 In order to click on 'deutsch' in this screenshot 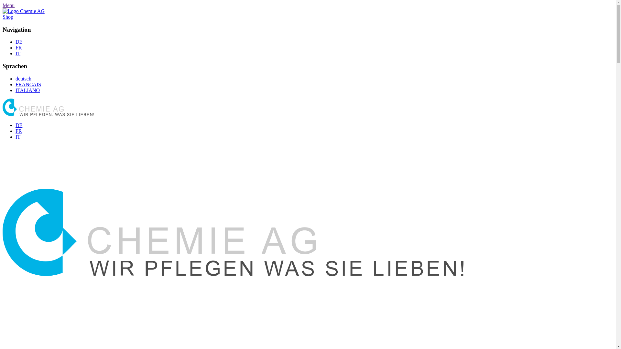, I will do `click(23, 78)`.